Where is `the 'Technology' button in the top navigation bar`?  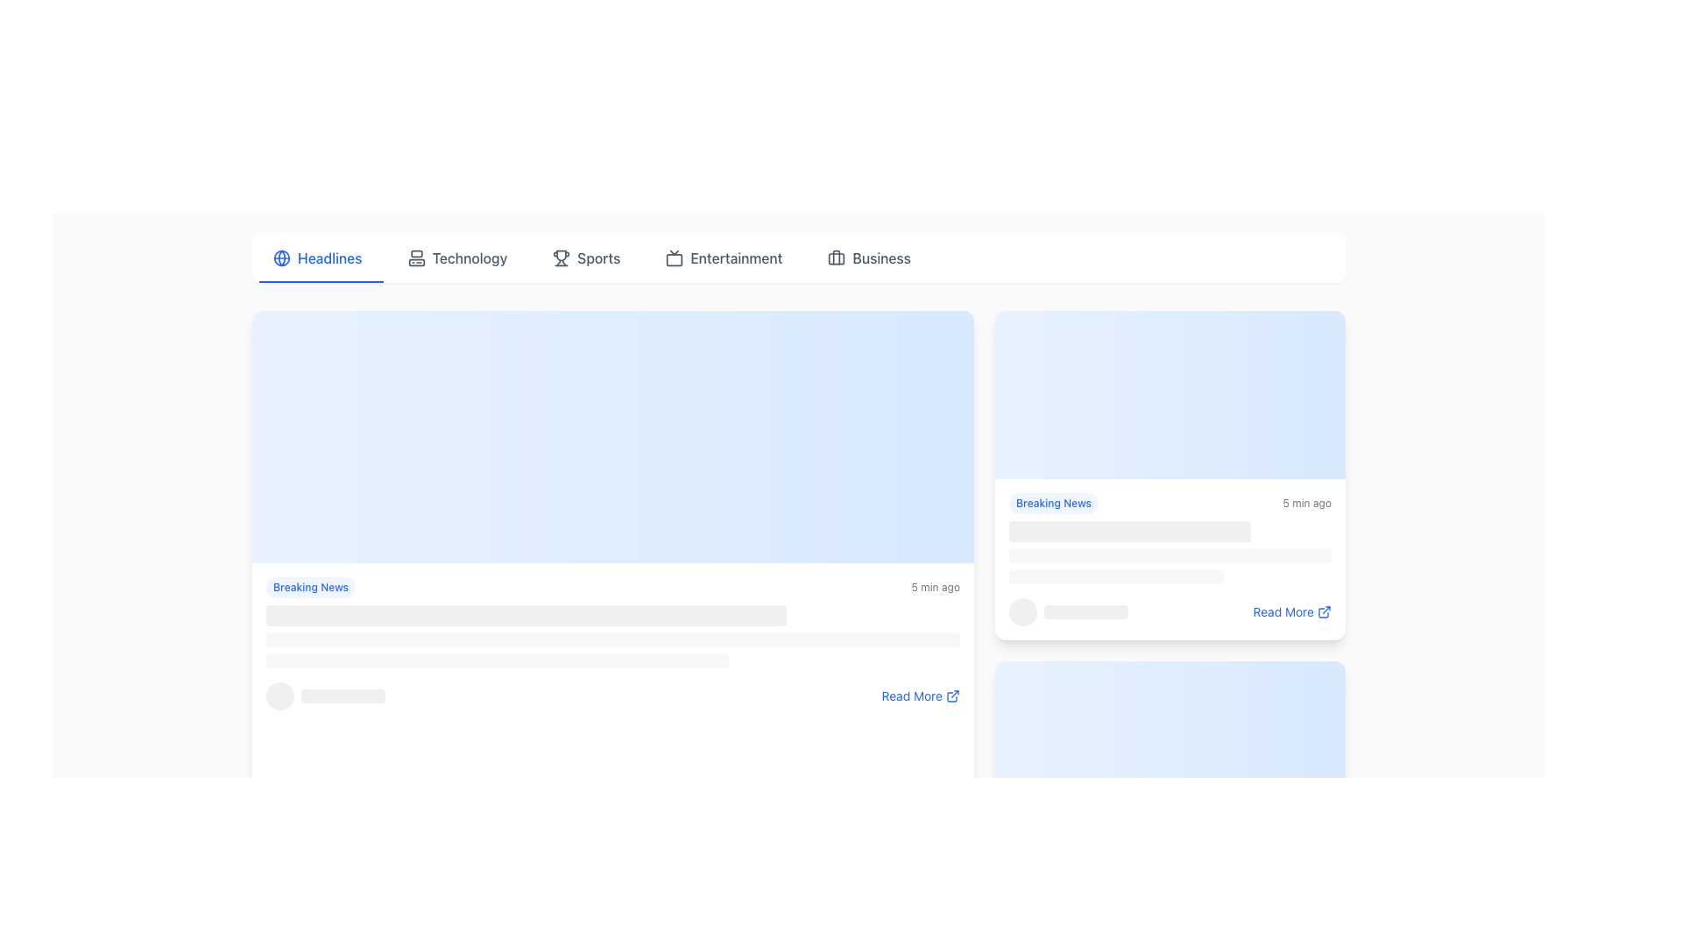 the 'Technology' button in the top navigation bar is located at coordinates (457, 258).